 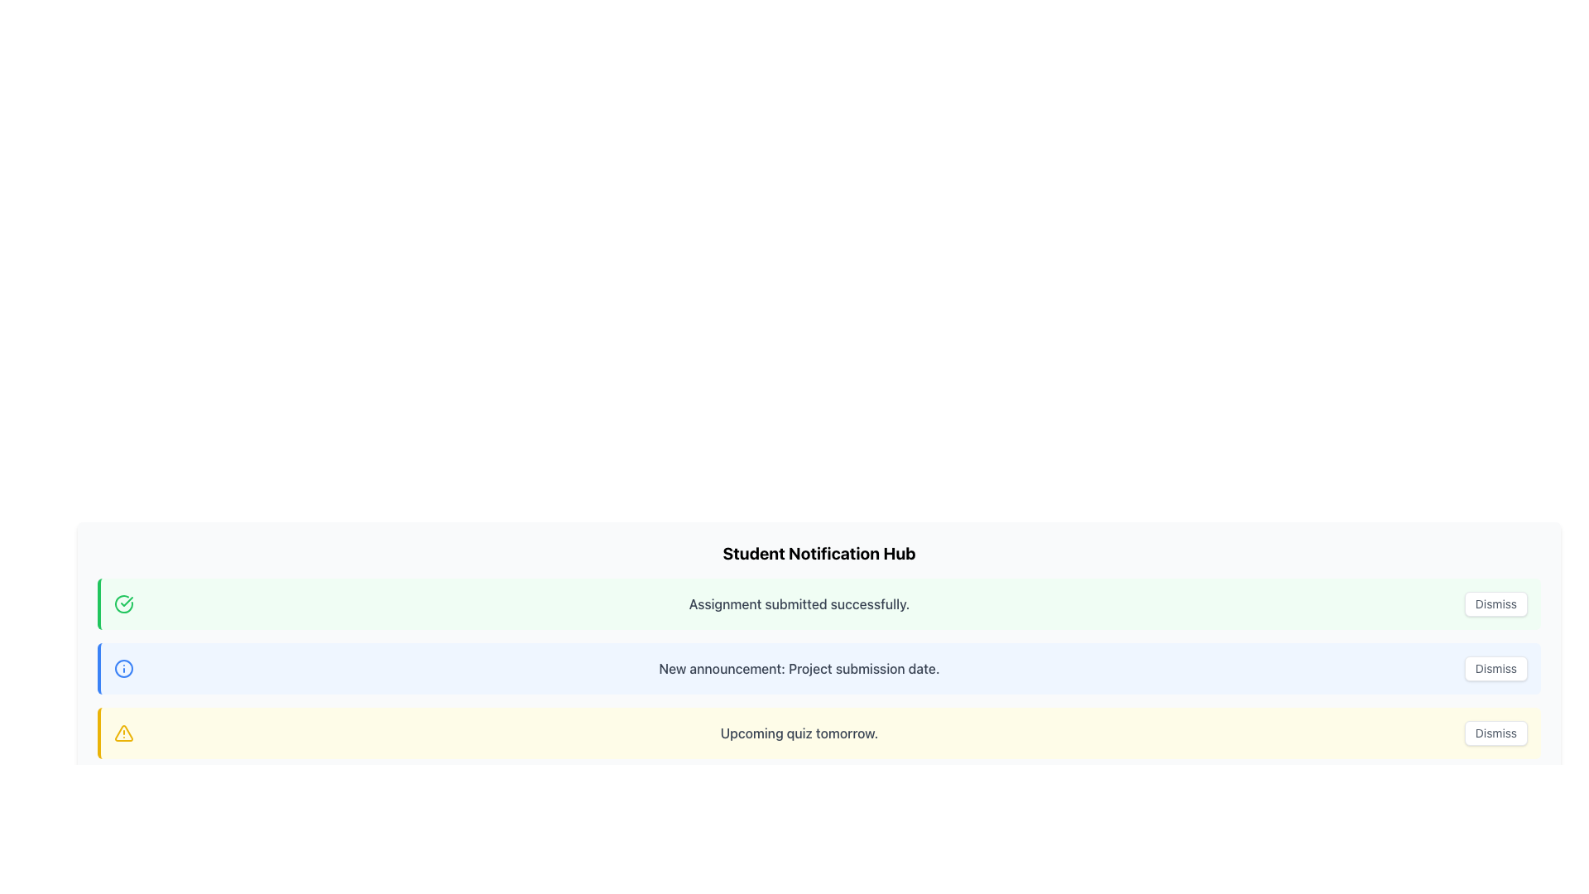 What do you see at coordinates (122, 733) in the screenshot?
I see `the warning icon located at the start of the notification block with a yellow background that indicates an upcoming quiz tomorrow` at bounding box center [122, 733].